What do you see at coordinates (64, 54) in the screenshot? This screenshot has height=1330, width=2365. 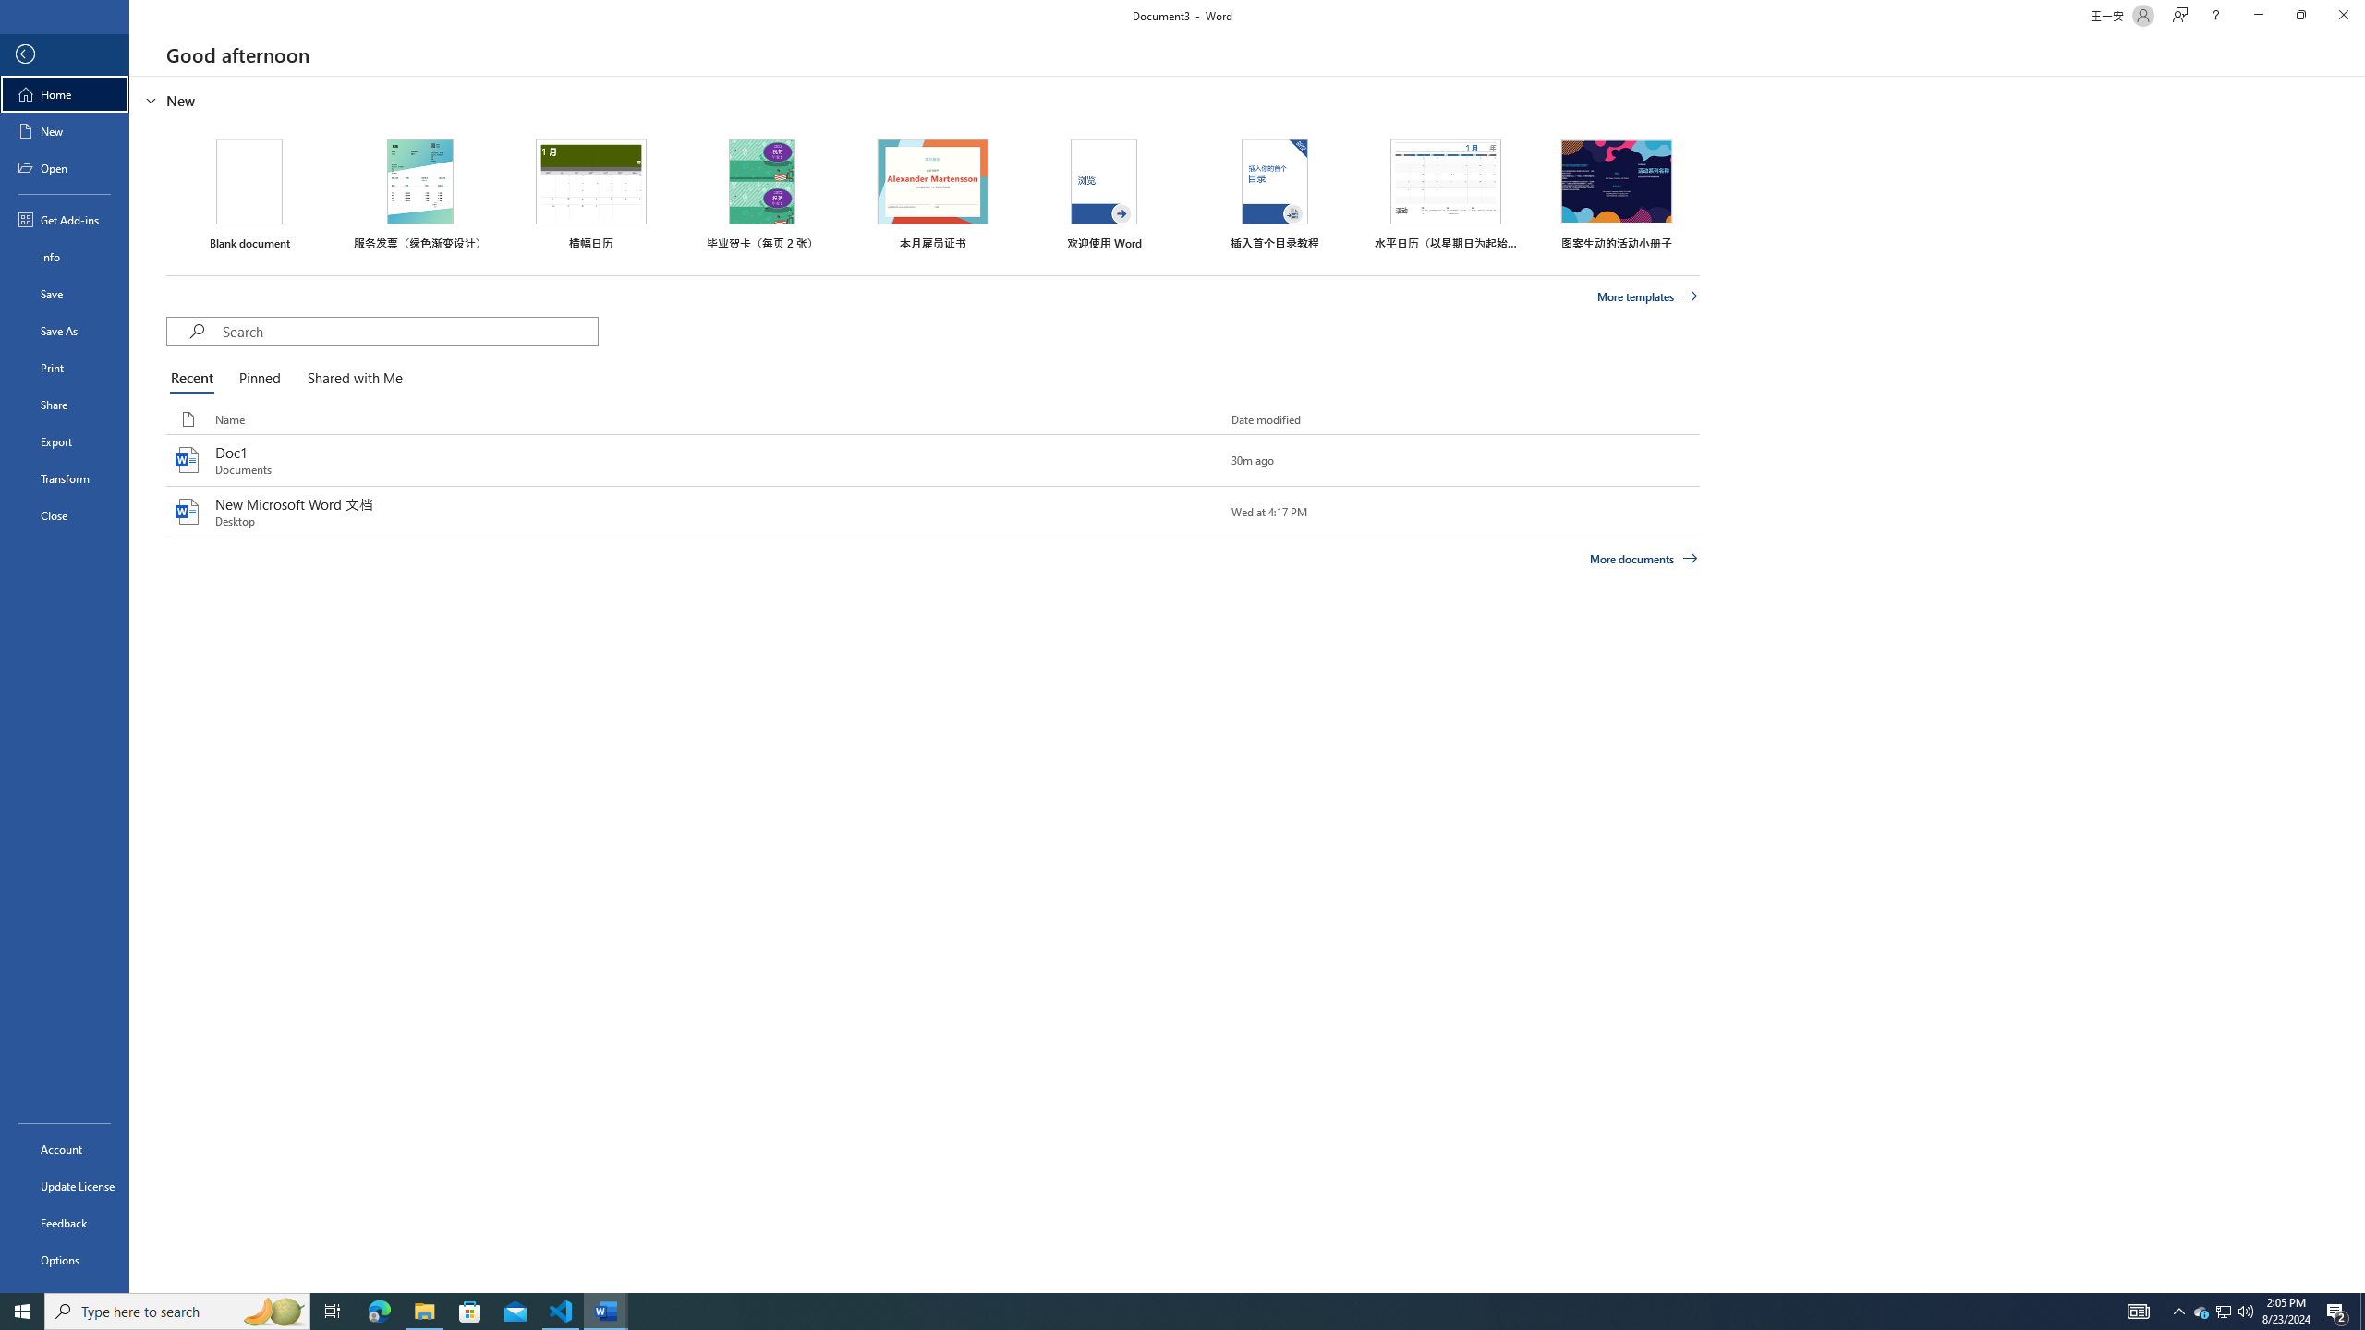 I see `'Back'` at bounding box center [64, 54].